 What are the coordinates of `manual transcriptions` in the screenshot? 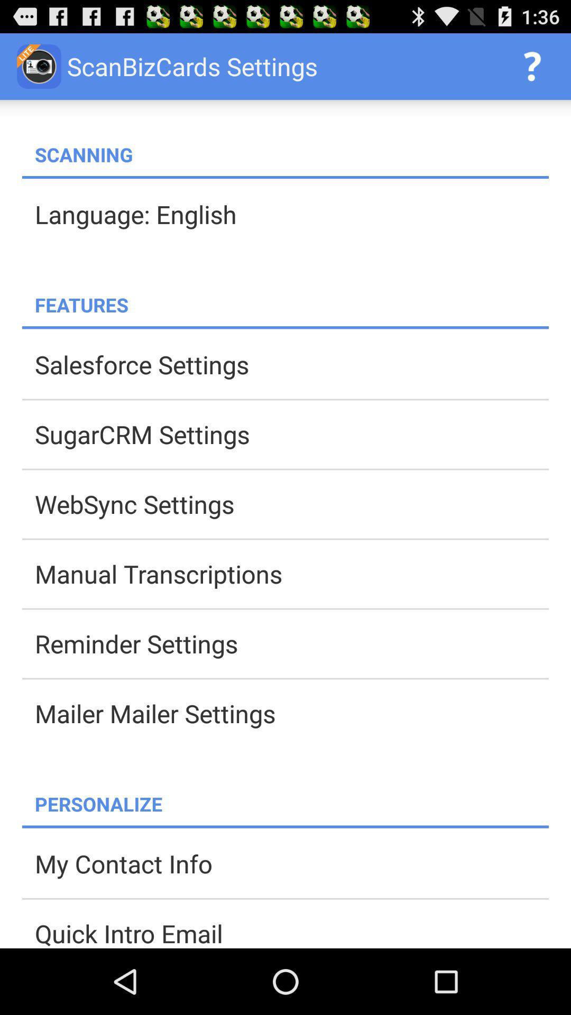 It's located at (291, 573).